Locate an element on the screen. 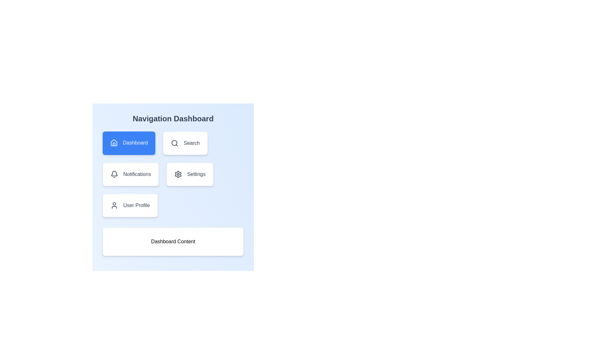 The width and height of the screenshot is (610, 343). the house-shaped icon with a minimalist design located within the 'Dashboard' button in the 'Navigation Dashboard' interface is located at coordinates (114, 143).